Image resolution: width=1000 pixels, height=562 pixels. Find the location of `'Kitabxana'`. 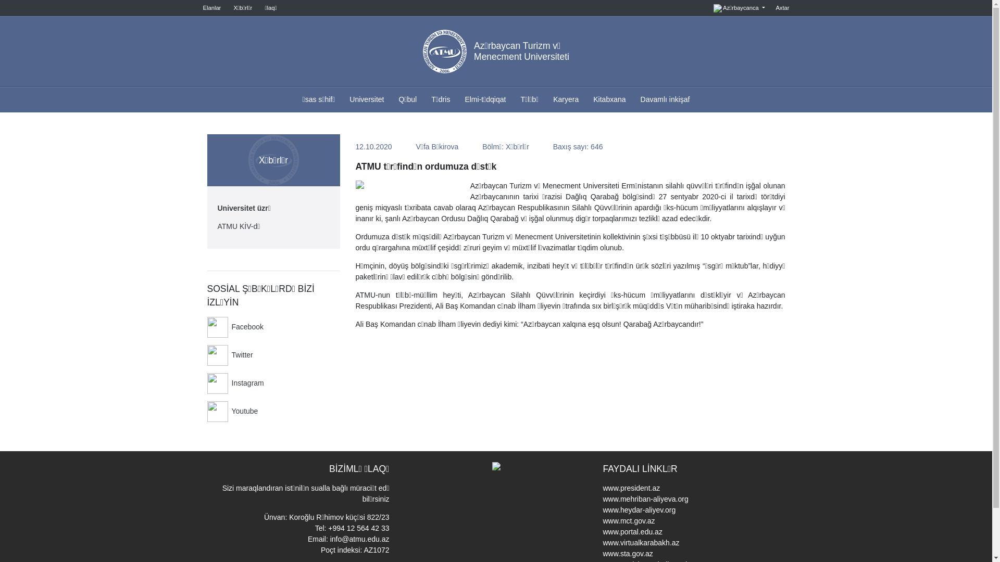

'Kitabxana' is located at coordinates (585, 99).